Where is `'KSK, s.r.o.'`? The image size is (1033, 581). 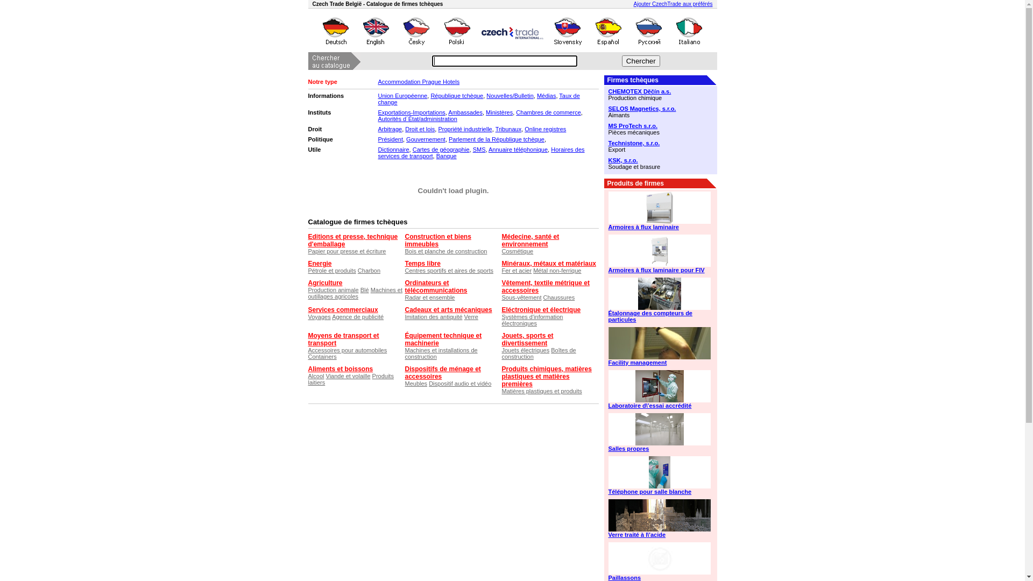 'KSK, s.r.o.' is located at coordinates (660, 160).